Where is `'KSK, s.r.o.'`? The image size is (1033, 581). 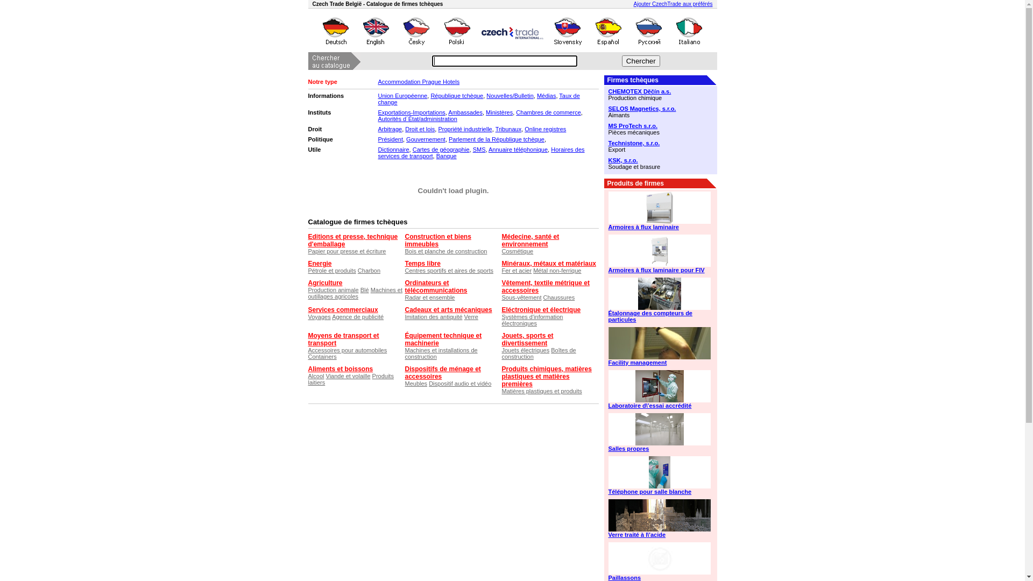 'KSK, s.r.o.' is located at coordinates (660, 160).